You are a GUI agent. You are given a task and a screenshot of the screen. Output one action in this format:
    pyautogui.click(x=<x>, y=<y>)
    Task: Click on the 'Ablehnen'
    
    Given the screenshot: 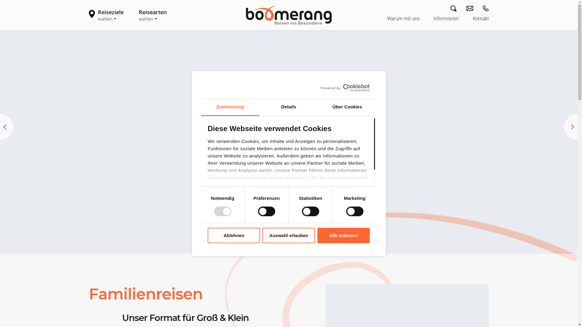 What is the action you would take?
    pyautogui.click(x=208, y=235)
    